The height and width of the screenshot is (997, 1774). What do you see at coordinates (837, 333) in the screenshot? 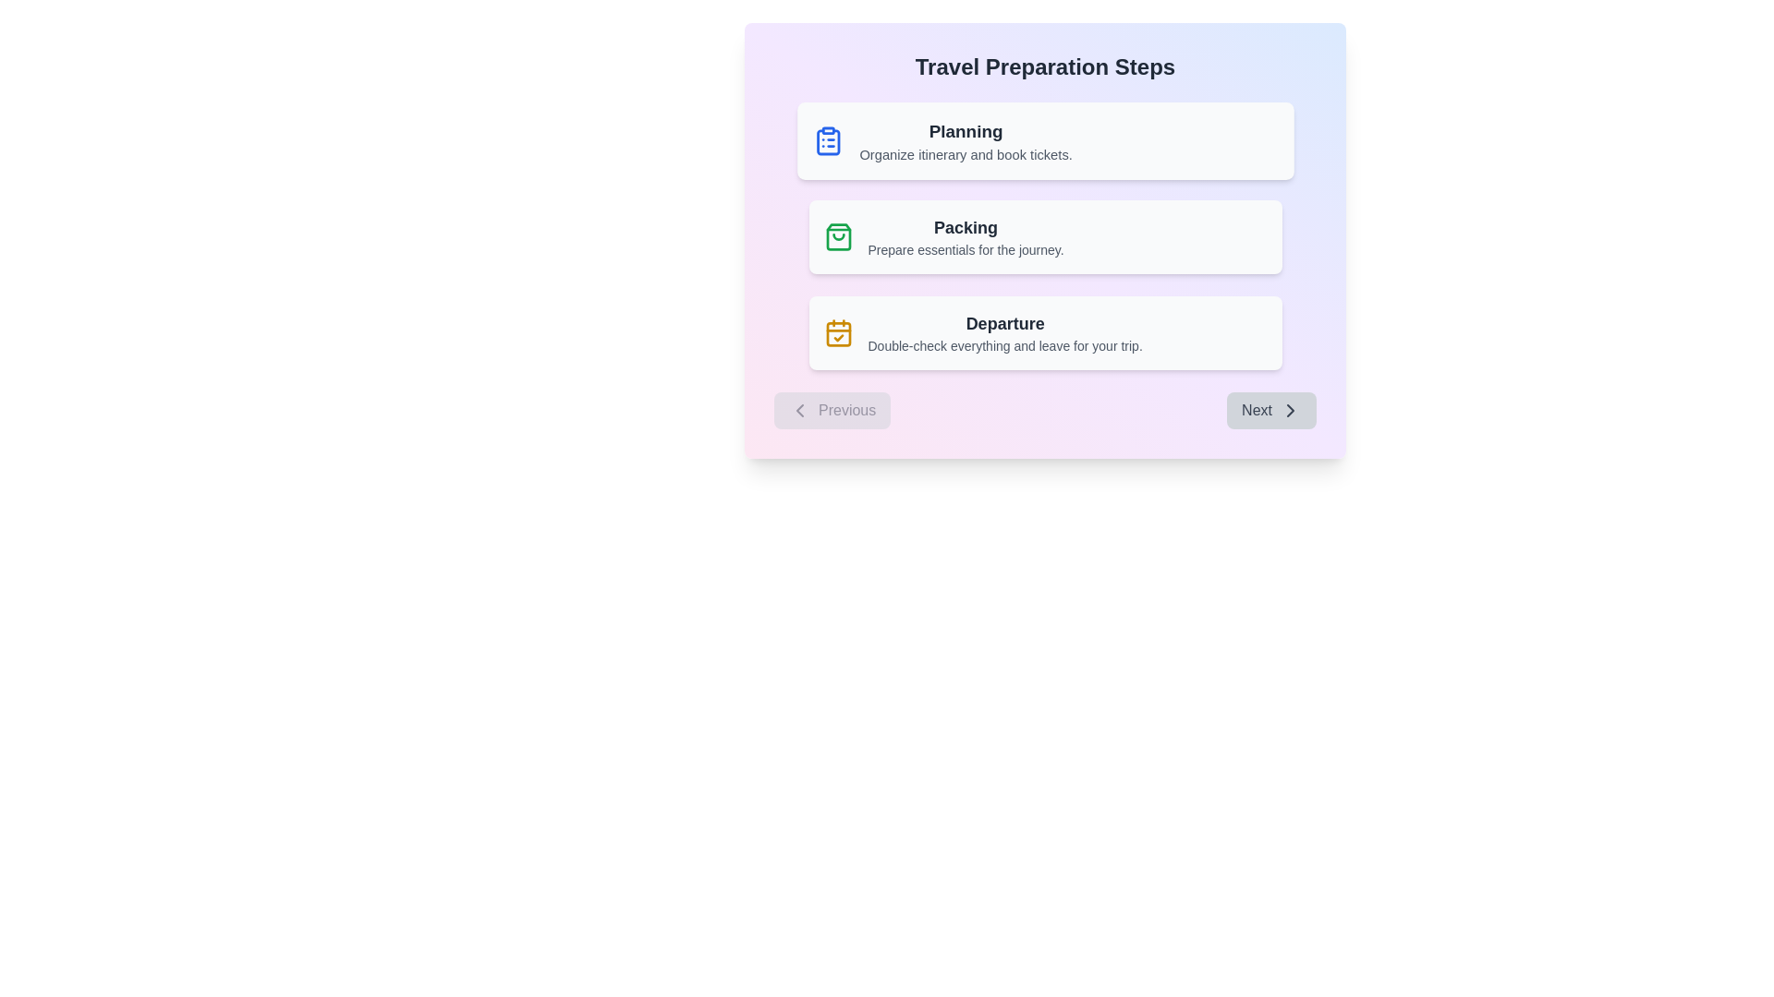
I see `the decorative 'Departure' icon located in the third section of the 'Travel Preparation Steps' list, positioned to the left of the text content` at bounding box center [837, 333].